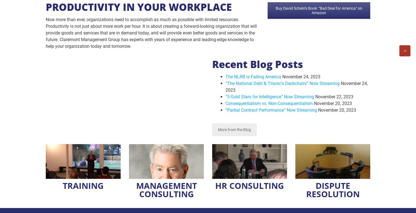 The height and width of the screenshot is (213, 416). I want to click on 'today and tomorrow.', so click(110, 46).